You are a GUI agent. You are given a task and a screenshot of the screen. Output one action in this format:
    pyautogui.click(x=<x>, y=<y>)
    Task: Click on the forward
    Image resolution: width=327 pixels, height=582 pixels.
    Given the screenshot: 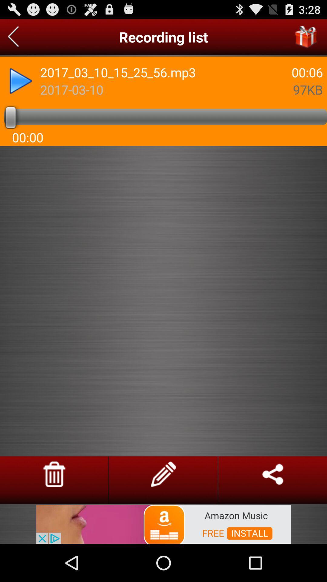 What is the action you would take?
    pyautogui.click(x=21, y=81)
    